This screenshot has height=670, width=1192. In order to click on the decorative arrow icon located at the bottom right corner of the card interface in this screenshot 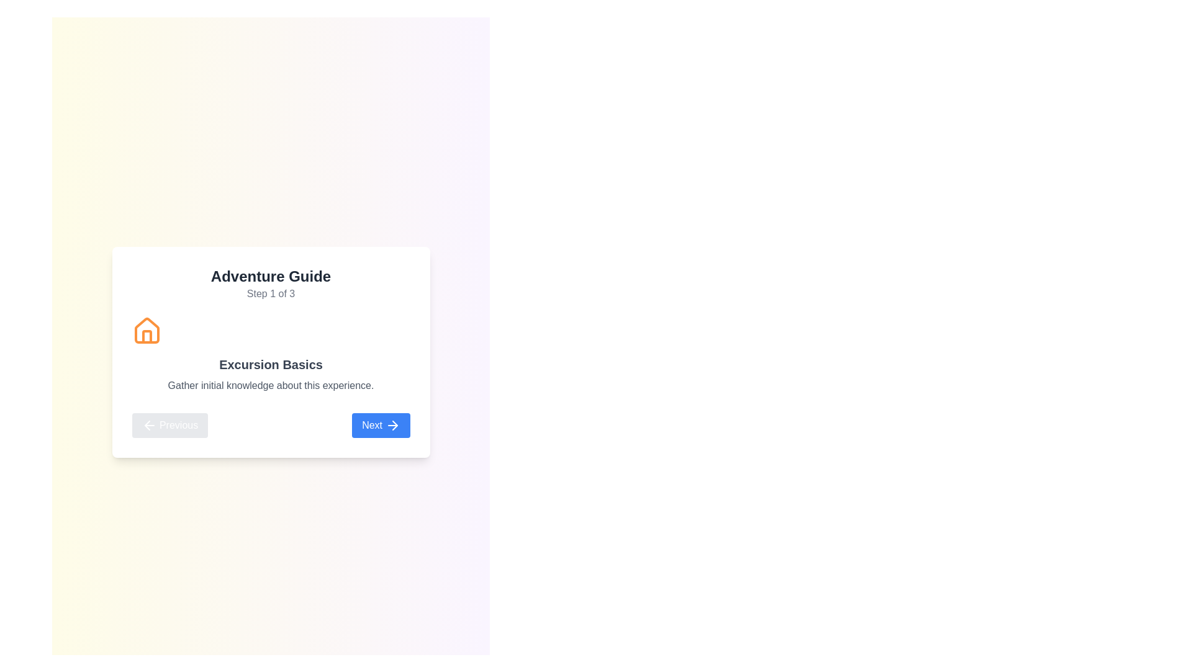, I will do `click(392, 425)`.